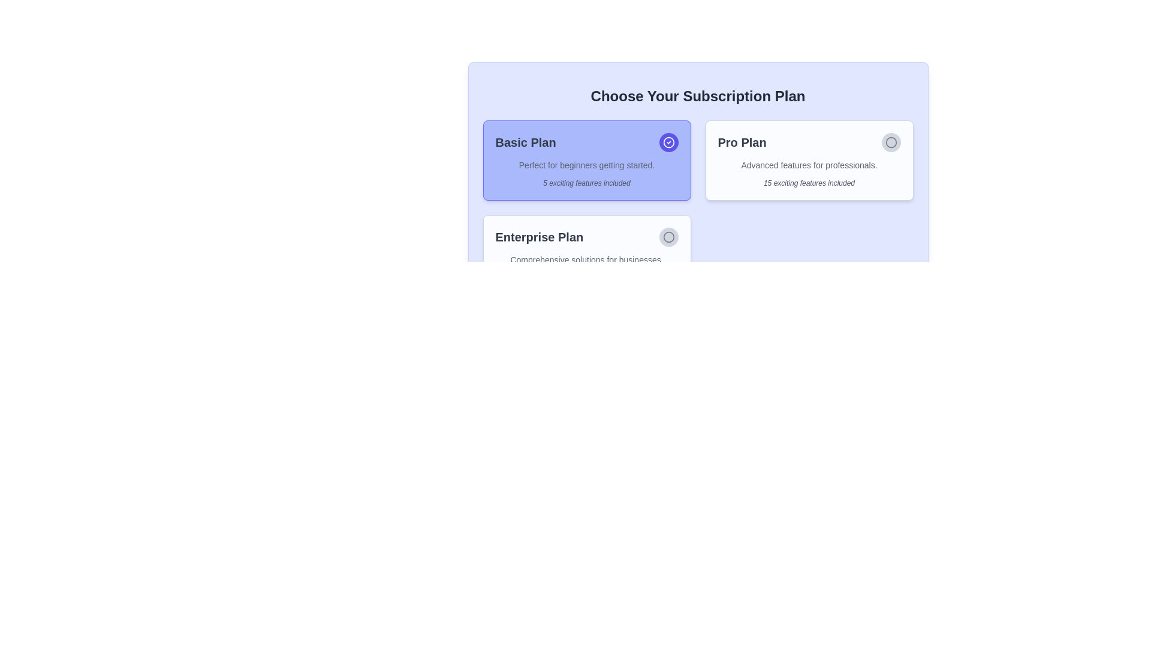 Image resolution: width=1151 pixels, height=647 pixels. I want to click on the interactive icon representing the 'Pro Plan' choice, located in the top-right of the subscription selection interface, so click(891, 142).